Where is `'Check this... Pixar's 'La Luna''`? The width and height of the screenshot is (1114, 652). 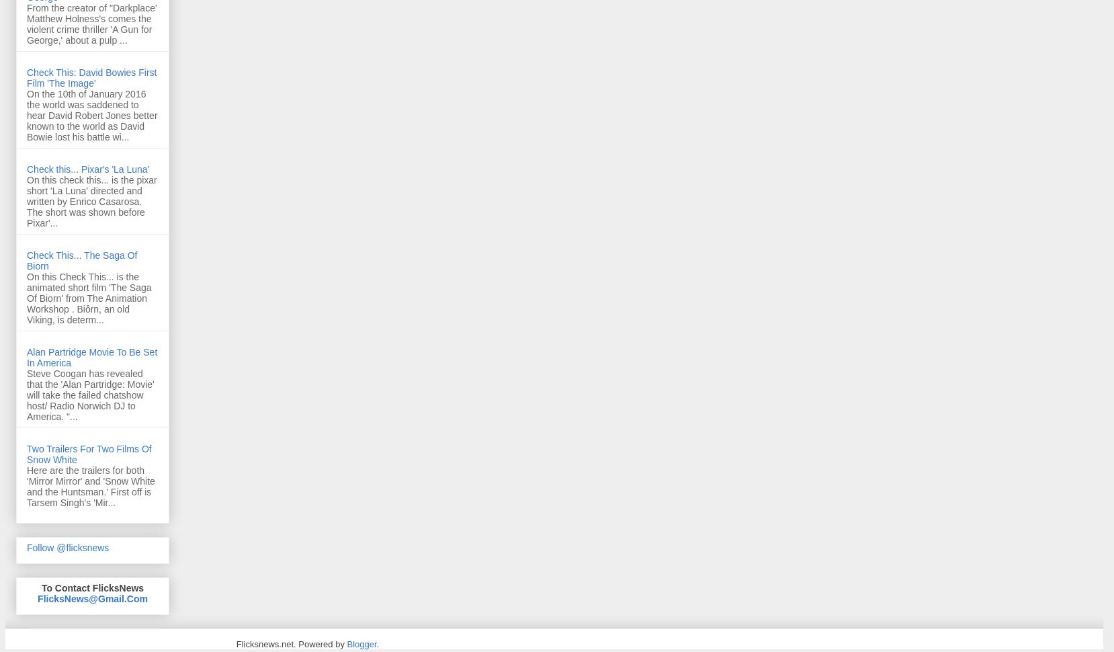 'Check this... Pixar's 'La Luna'' is located at coordinates (87, 168).